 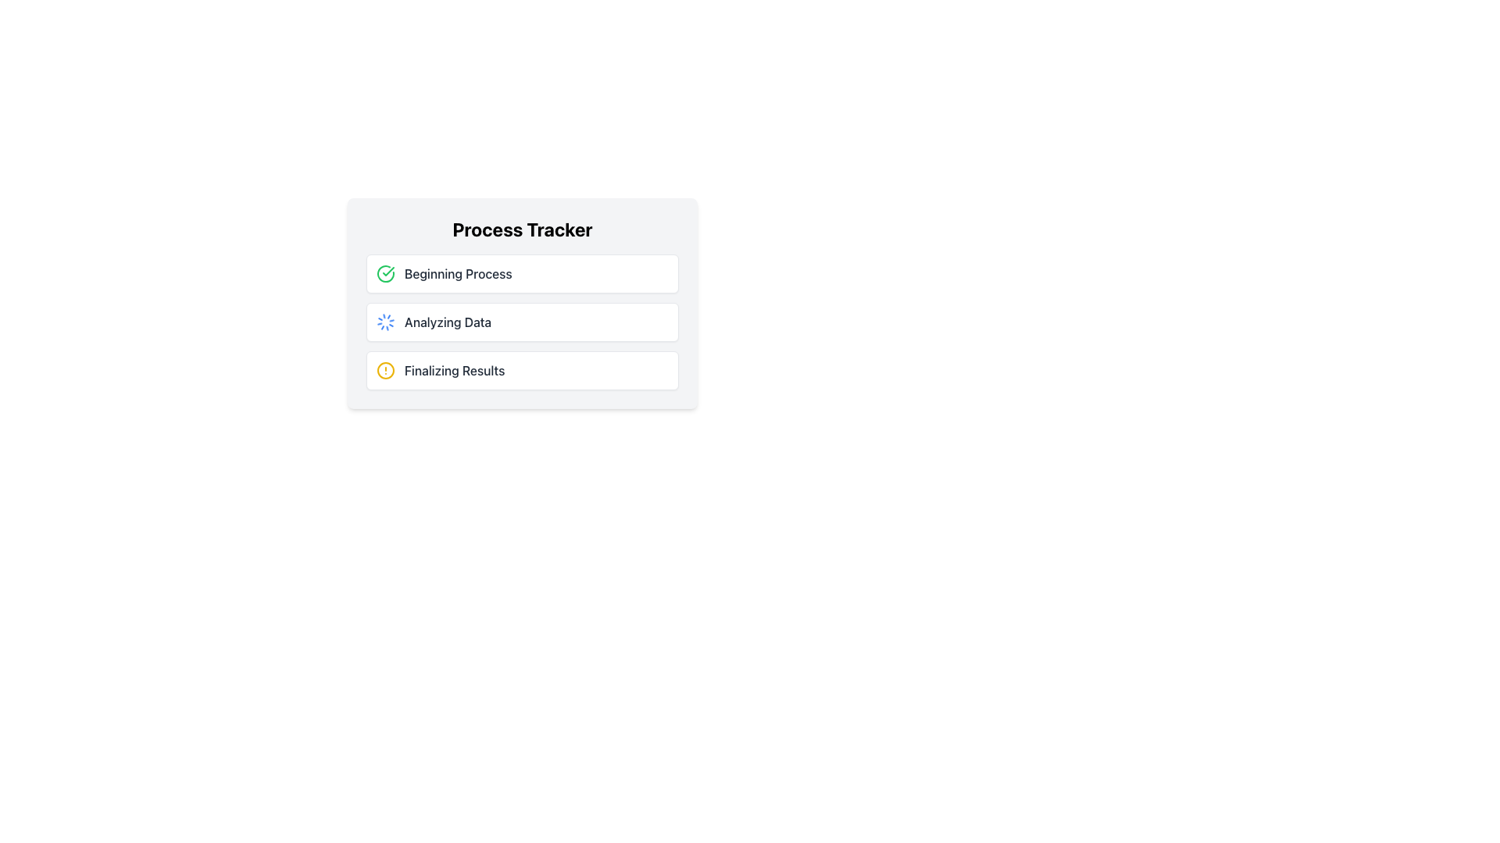 What do you see at coordinates (434, 321) in the screenshot?
I see `status text of the 'Analyzing Data' process, which is indicated by a label and animated icon in the process tracker section` at bounding box center [434, 321].